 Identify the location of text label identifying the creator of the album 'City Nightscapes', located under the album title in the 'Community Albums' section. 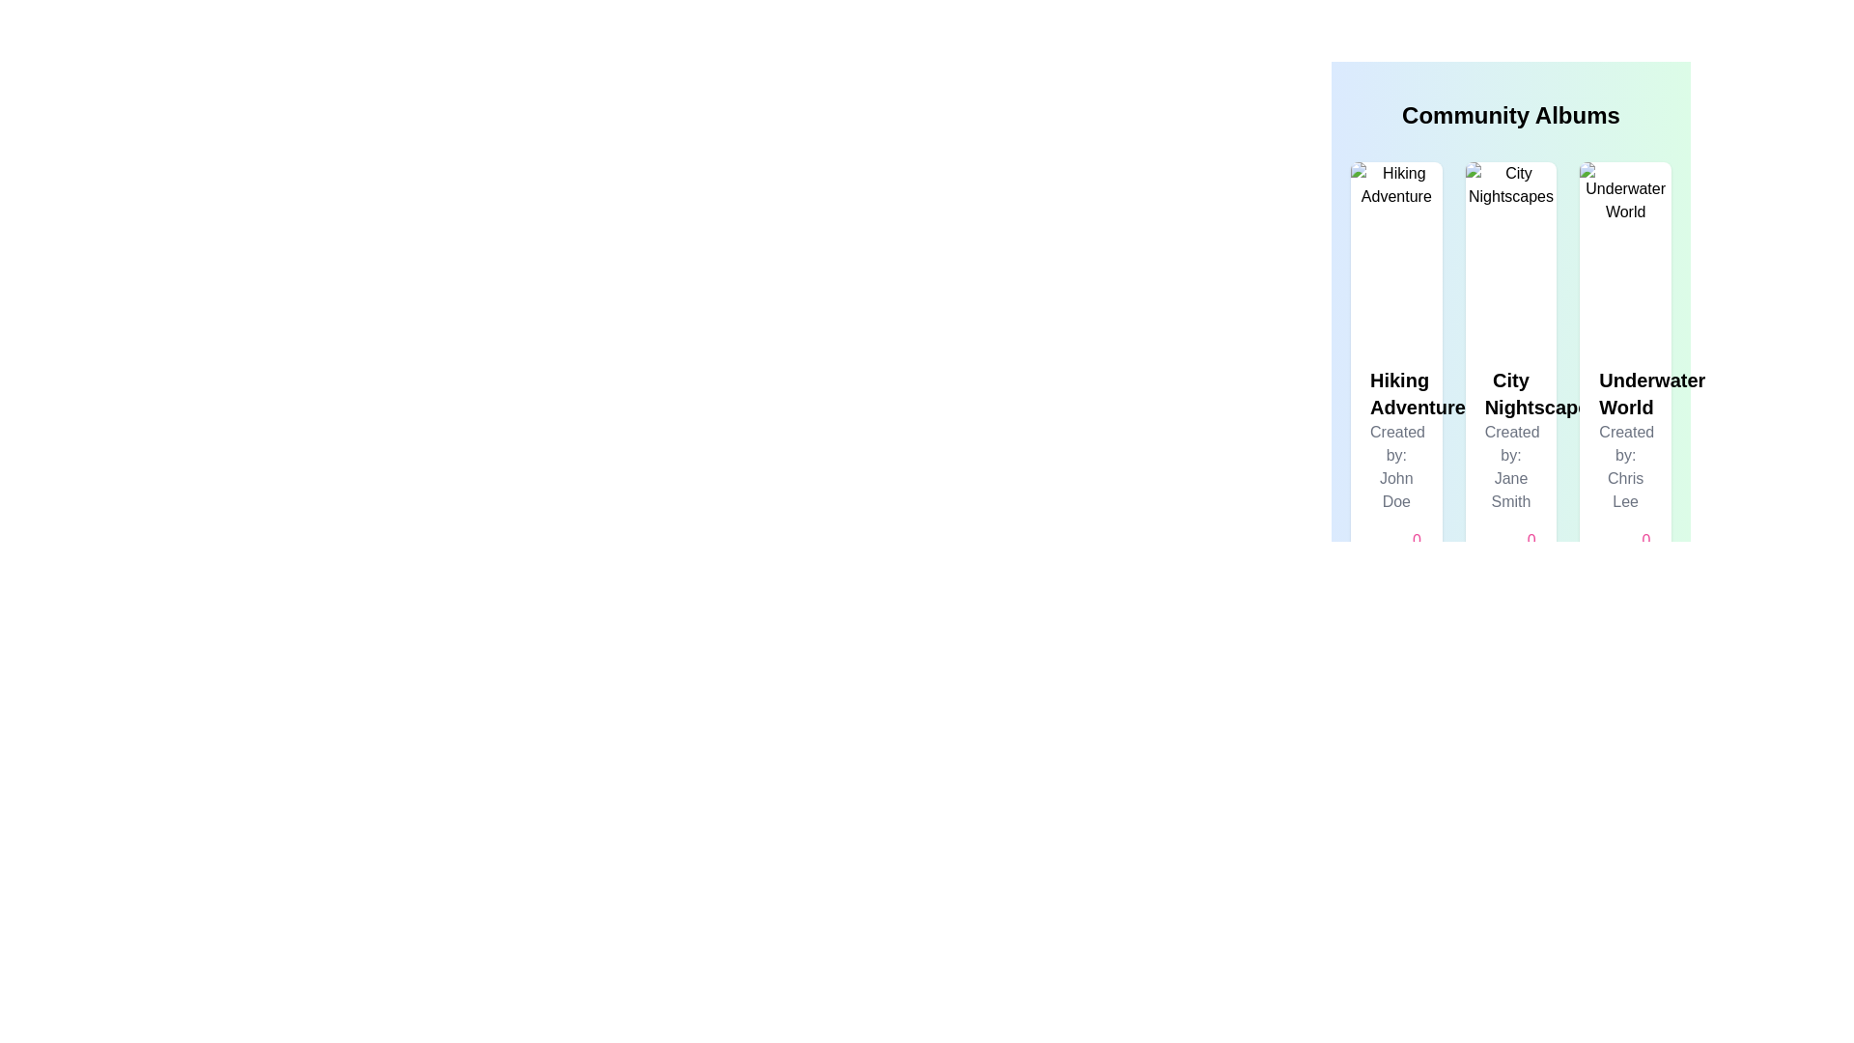
(1509, 466).